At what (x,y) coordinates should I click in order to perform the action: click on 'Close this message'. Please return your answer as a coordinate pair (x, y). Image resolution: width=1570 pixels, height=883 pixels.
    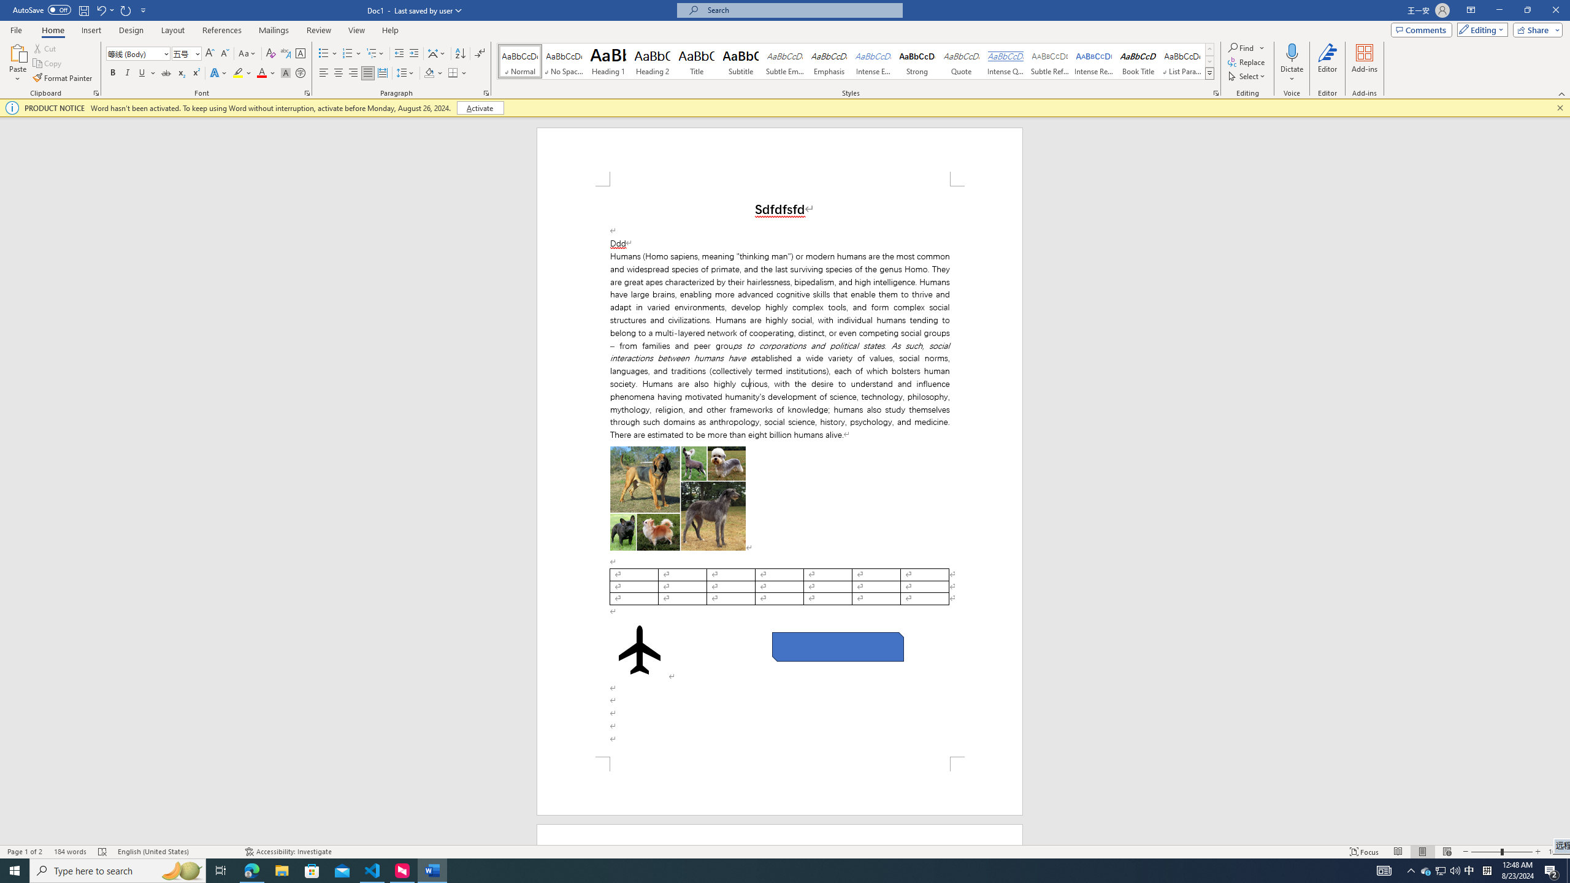
    Looking at the image, I should click on (1560, 107).